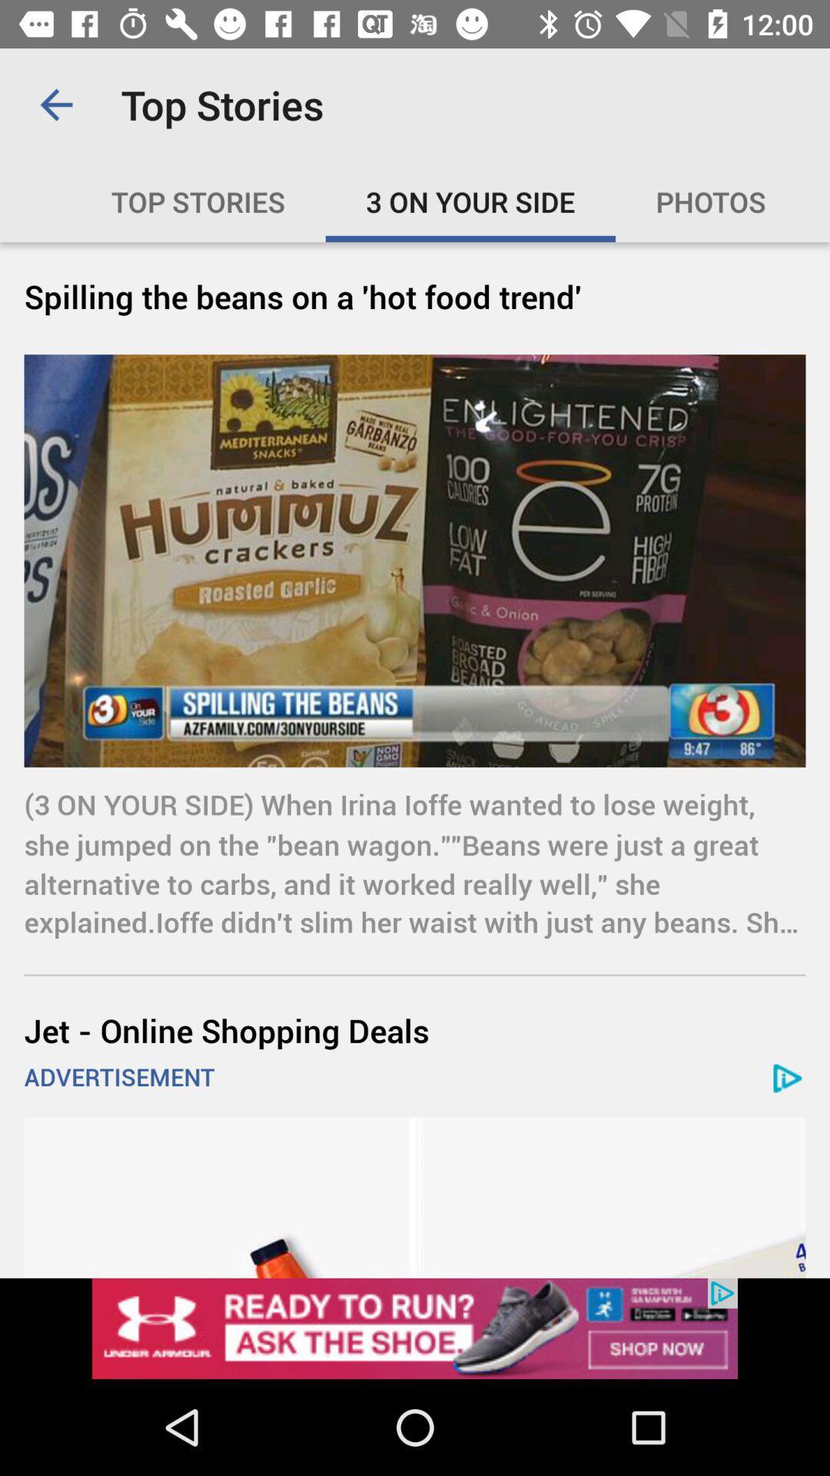 The width and height of the screenshot is (830, 1476). What do you see at coordinates (415, 1328) in the screenshot?
I see `advertisement for under armour` at bounding box center [415, 1328].